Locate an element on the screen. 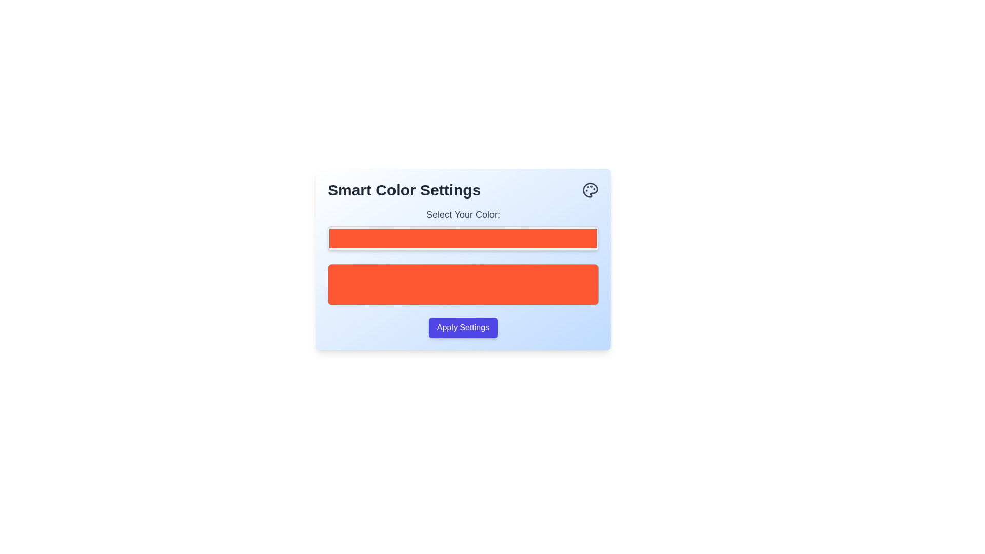  the descriptive label located below the main heading 'Smart Color Settings', which precedes the color input field is located at coordinates (462, 214).